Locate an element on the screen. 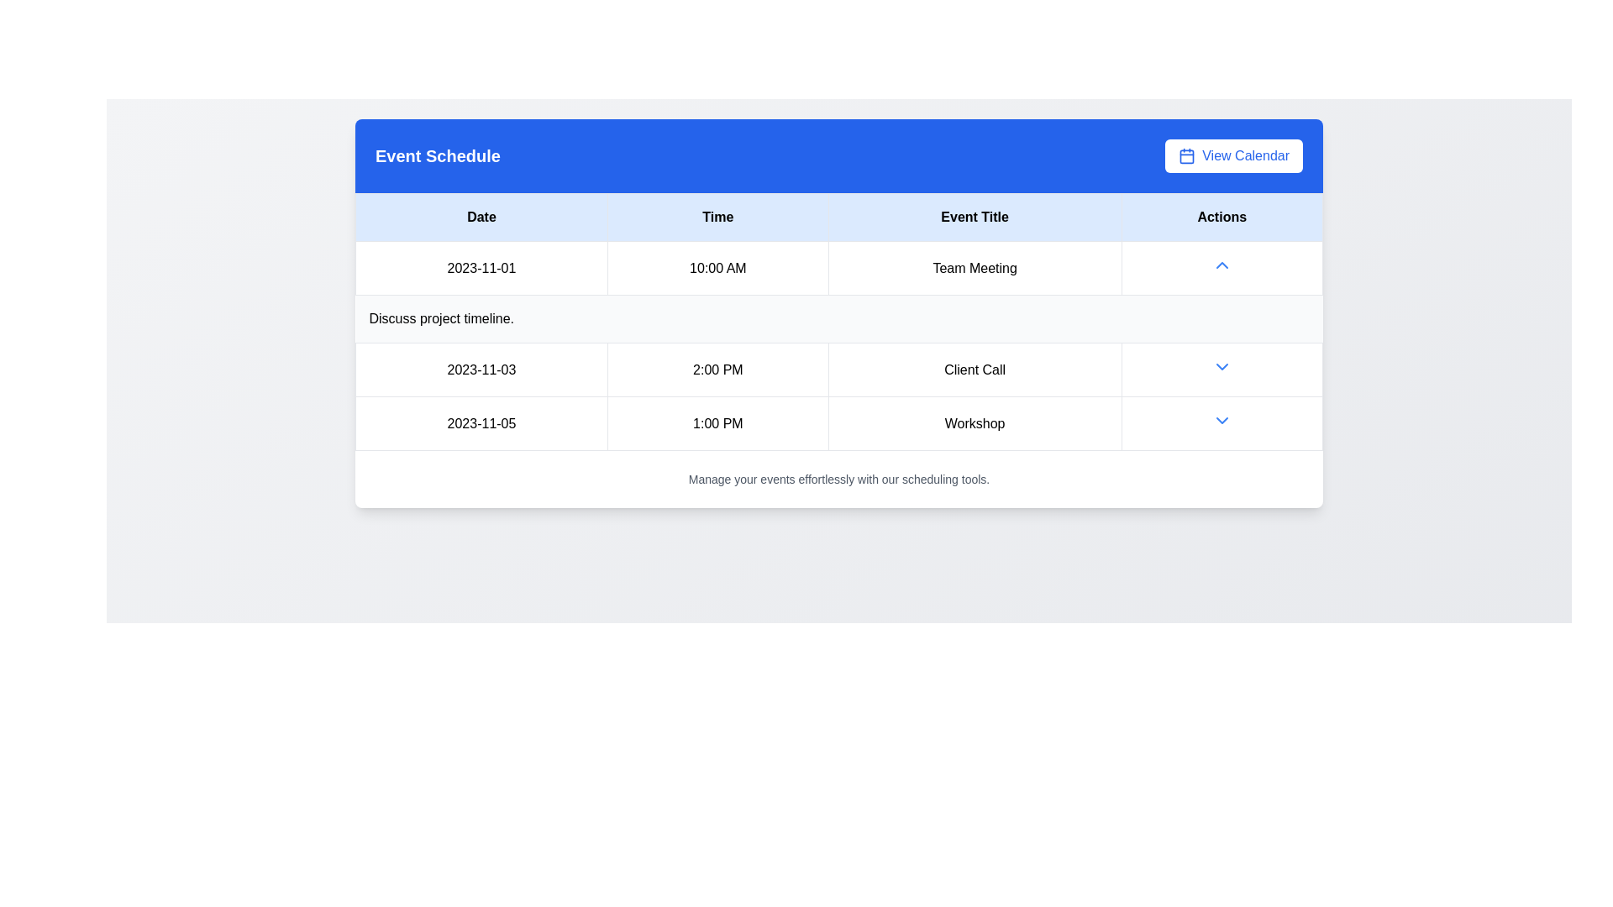  the third row of the event schedule table is located at coordinates (838, 422).